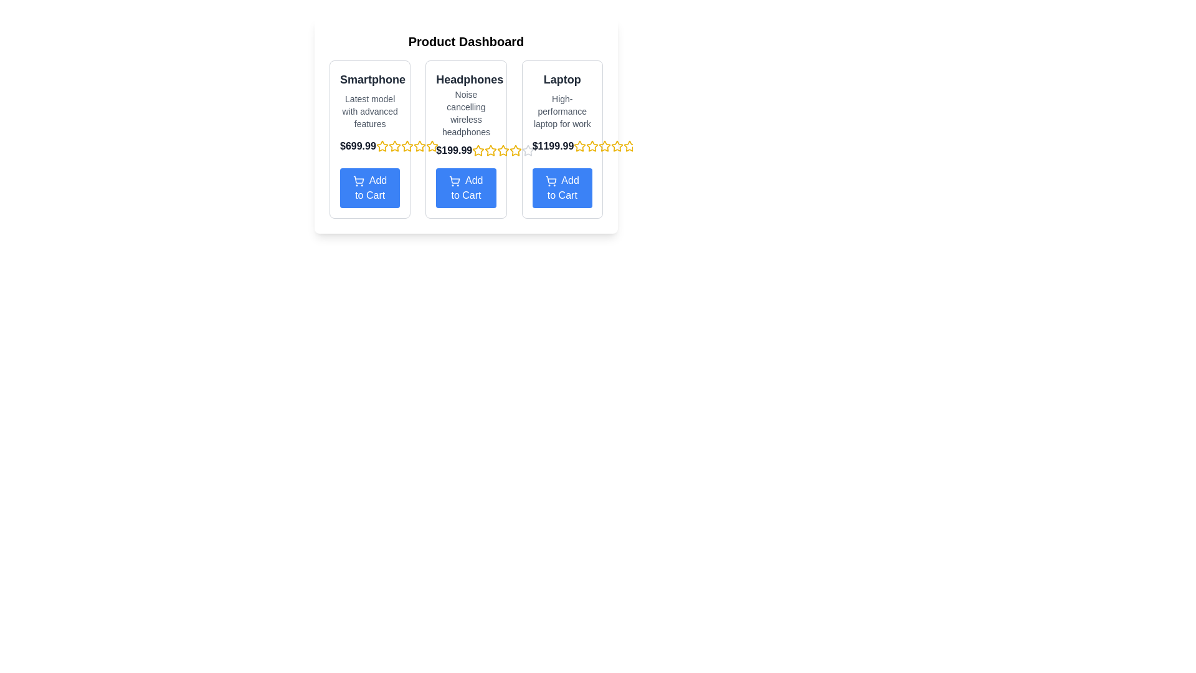 This screenshot has width=1196, height=673. What do you see at coordinates (369, 110) in the screenshot?
I see `the description text 'Latest model with advanced features' located below the title 'Smartphone' in the first product card of the product dashboard` at bounding box center [369, 110].